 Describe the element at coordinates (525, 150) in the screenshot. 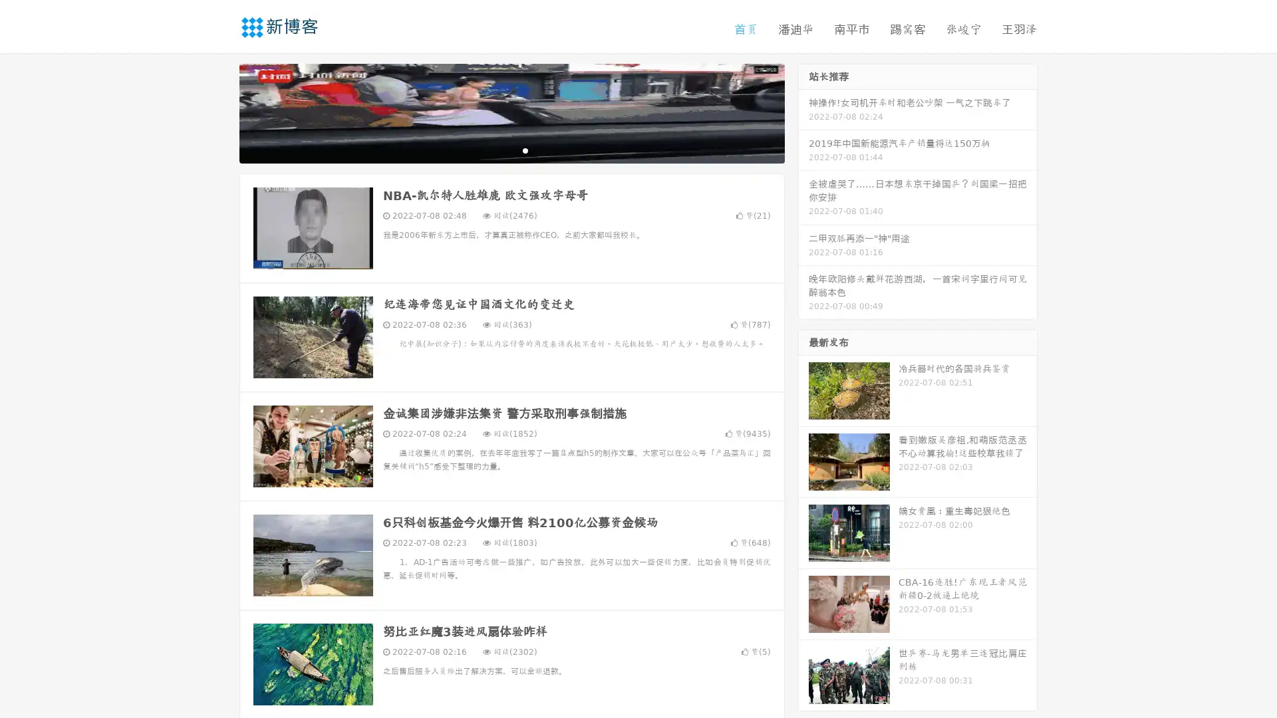

I see `Go to slide 3` at that location.